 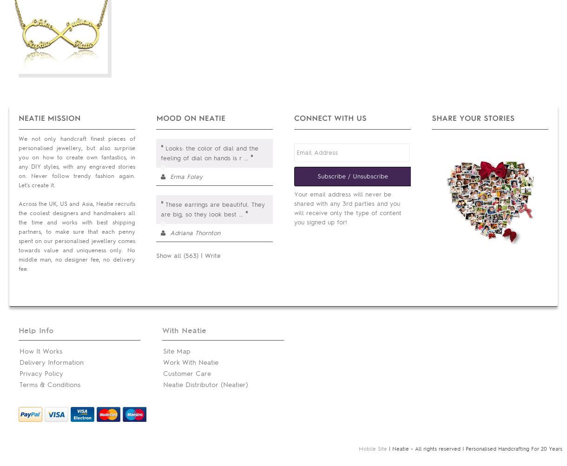 What do you see at coordinates (76, 162) in the screenshot?
I see `'We not only handcraft finest pieces of personalised jewellery, but also surprise you on how to create own fantastics, in any DIY styles, with any engraved stories on. Never follow trendy fashion again. Let's create it.'` at bounding box center [76, 162].